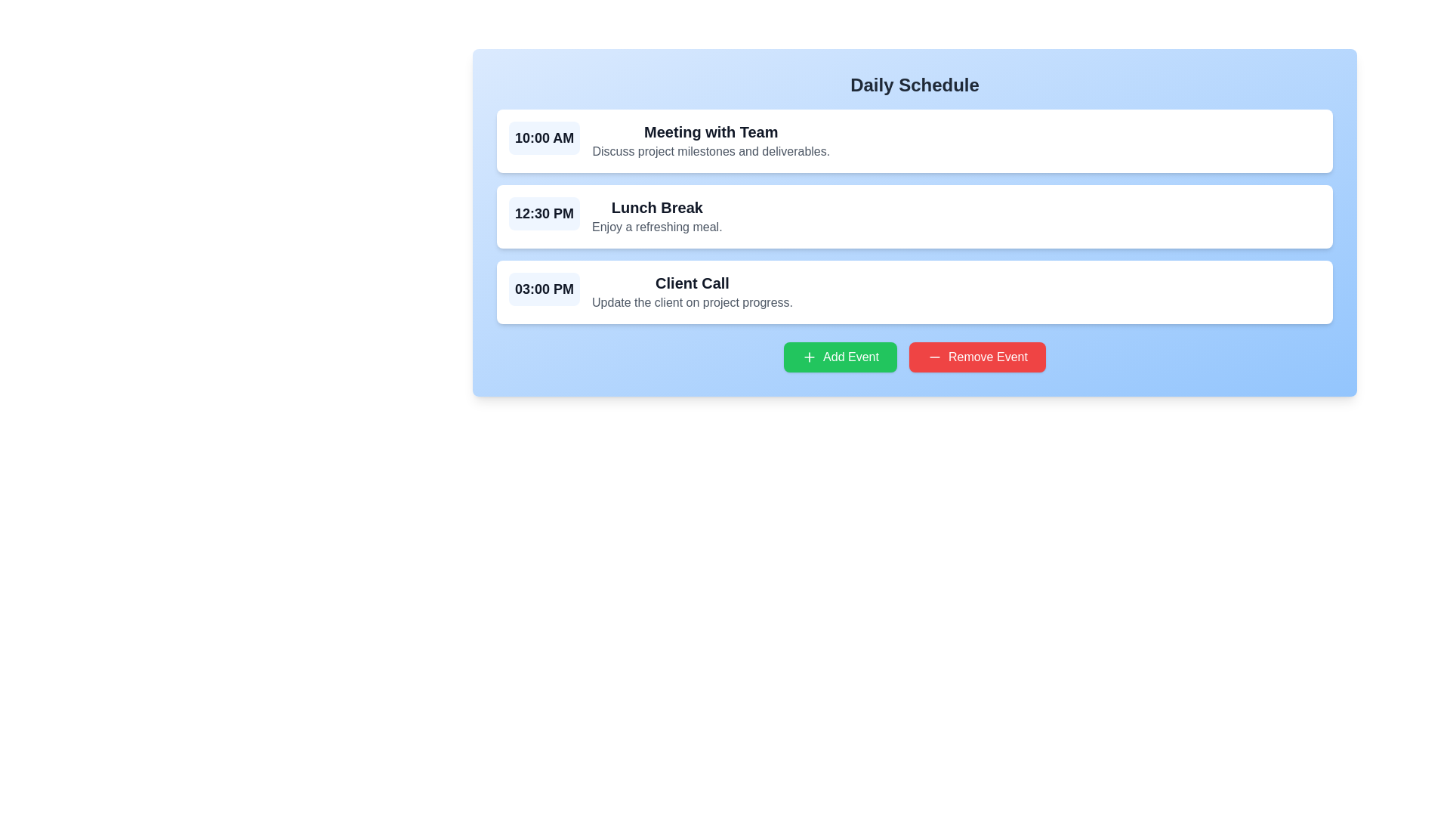  Describe the element at coordinates (544, 138) in the screenshot. I see `the label that displays '10:00 AM' in a blue background block with rounded corners, located in the top-left corner of the first event block adjacent to the title 'Meeting with Team'` at that location.